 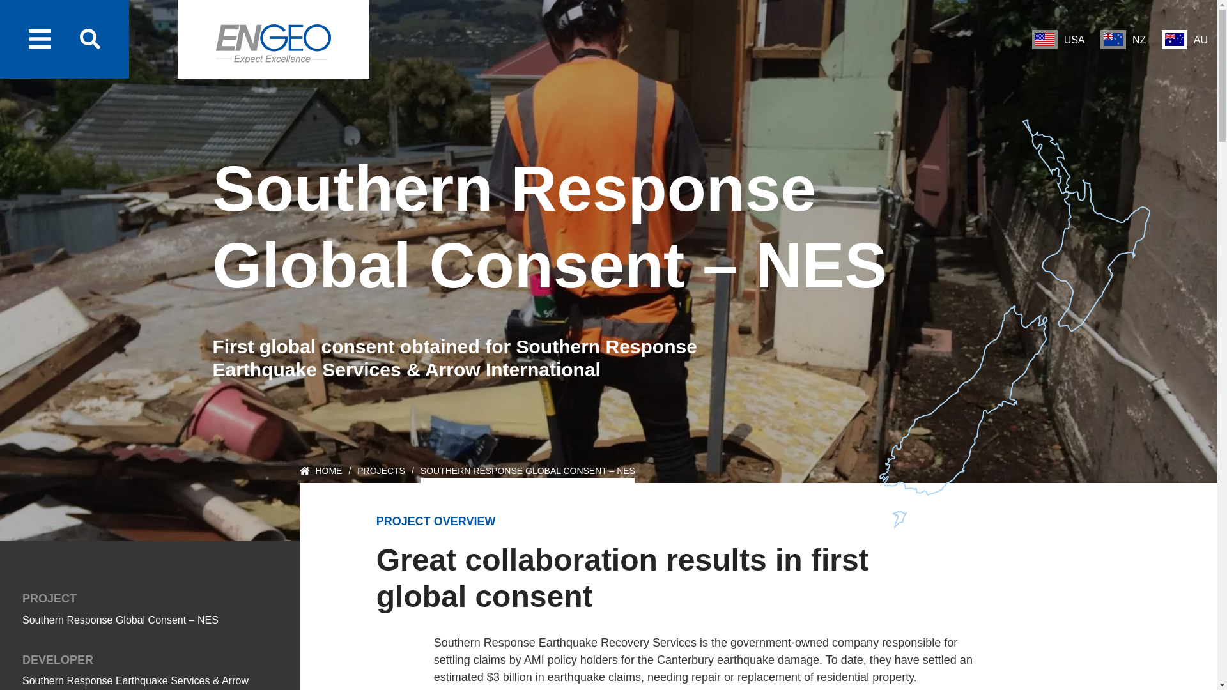 What do you see at coordinates (1058, 38) in the screenshot?
I see `'USA'` at bounding box center [1058, 38].